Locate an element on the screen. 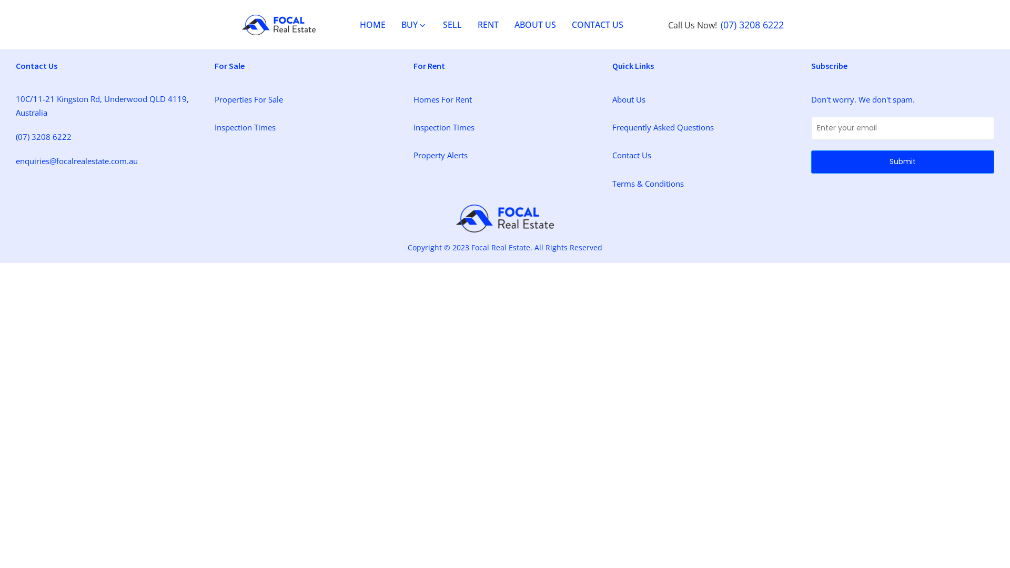 This screenshot has width=1010, height=568. 'Properties For Sale' is located at coordinates (248, 99).